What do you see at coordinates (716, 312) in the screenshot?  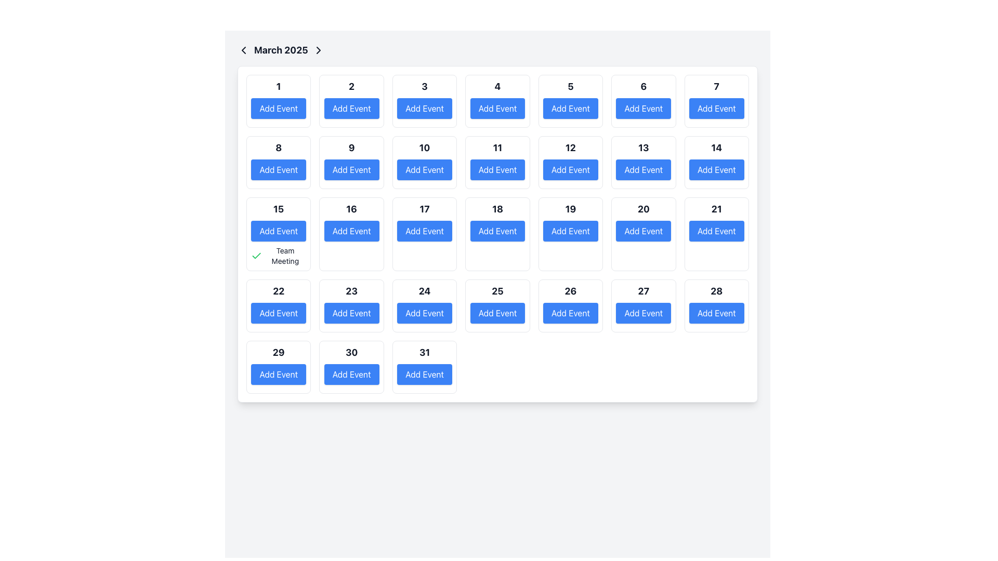 I see `the button located in the bottom-right corner of the calendar grid for March 2025, under the date '28', to initiate adding an event` at bounding box center [716, 312].